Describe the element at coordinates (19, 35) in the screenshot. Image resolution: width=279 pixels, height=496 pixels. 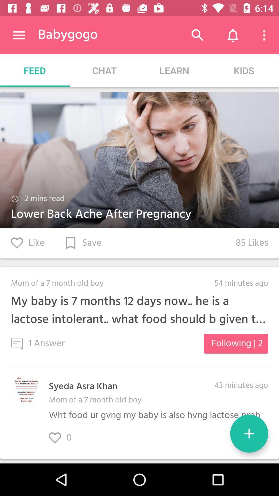
I see `the item next to babygogo` at that location.